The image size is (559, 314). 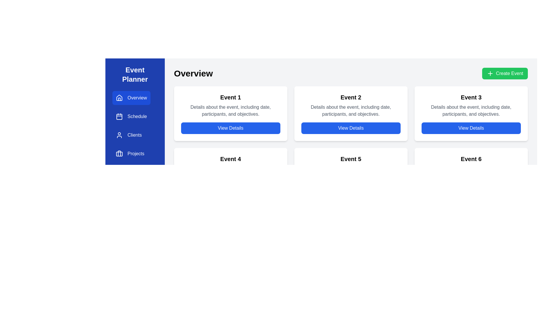 I want to click on the 'Clients' menu item in the sidebar, which is the third item from the top, so click(x=131, y=135).